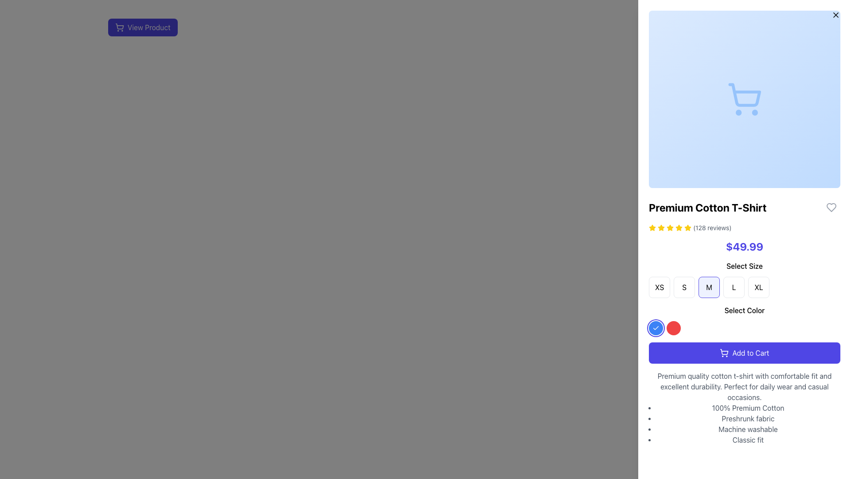 The width and height of the screenshot is (851, 479). Describe the element at coordinates (661, 227) in the screenshot. I see `the color and state of the third star-shaped icon in the five-star rating system, which is filled with yellow and emphasizes its stroke, located above the '(128 reviews)' text` at that location.